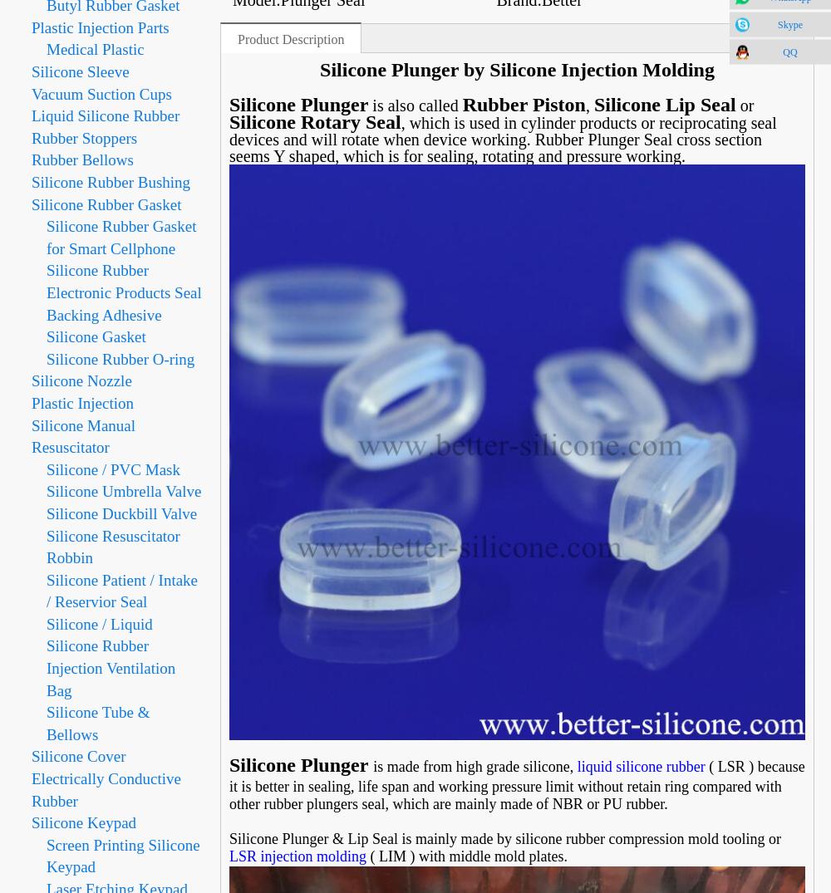 This screenshot has height=893, width=831. I want to click on 'Silicone Sleeve', so click(79, 71).